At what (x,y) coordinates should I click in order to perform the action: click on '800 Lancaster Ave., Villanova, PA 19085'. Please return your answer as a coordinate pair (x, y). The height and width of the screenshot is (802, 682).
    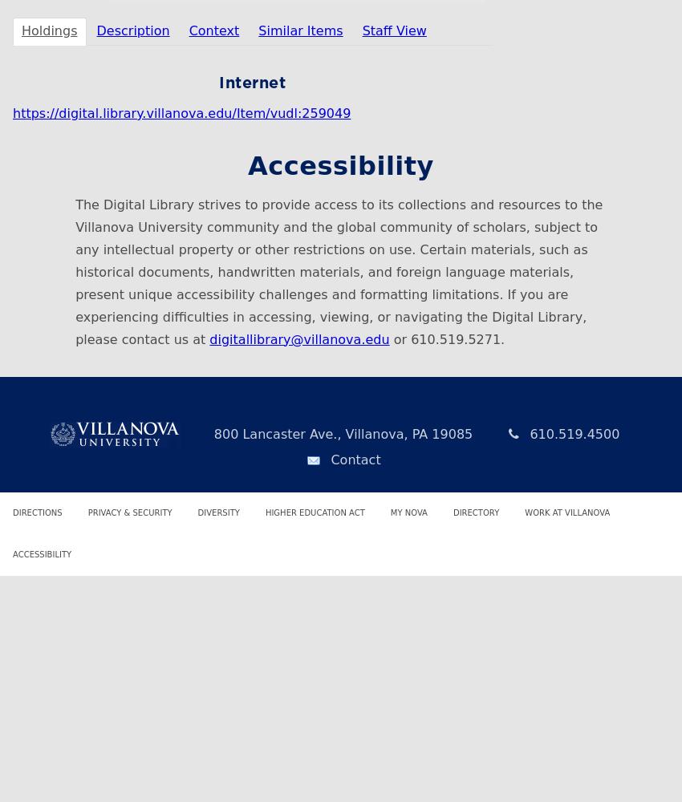
    Looking at the image, I should click on (209, 433).